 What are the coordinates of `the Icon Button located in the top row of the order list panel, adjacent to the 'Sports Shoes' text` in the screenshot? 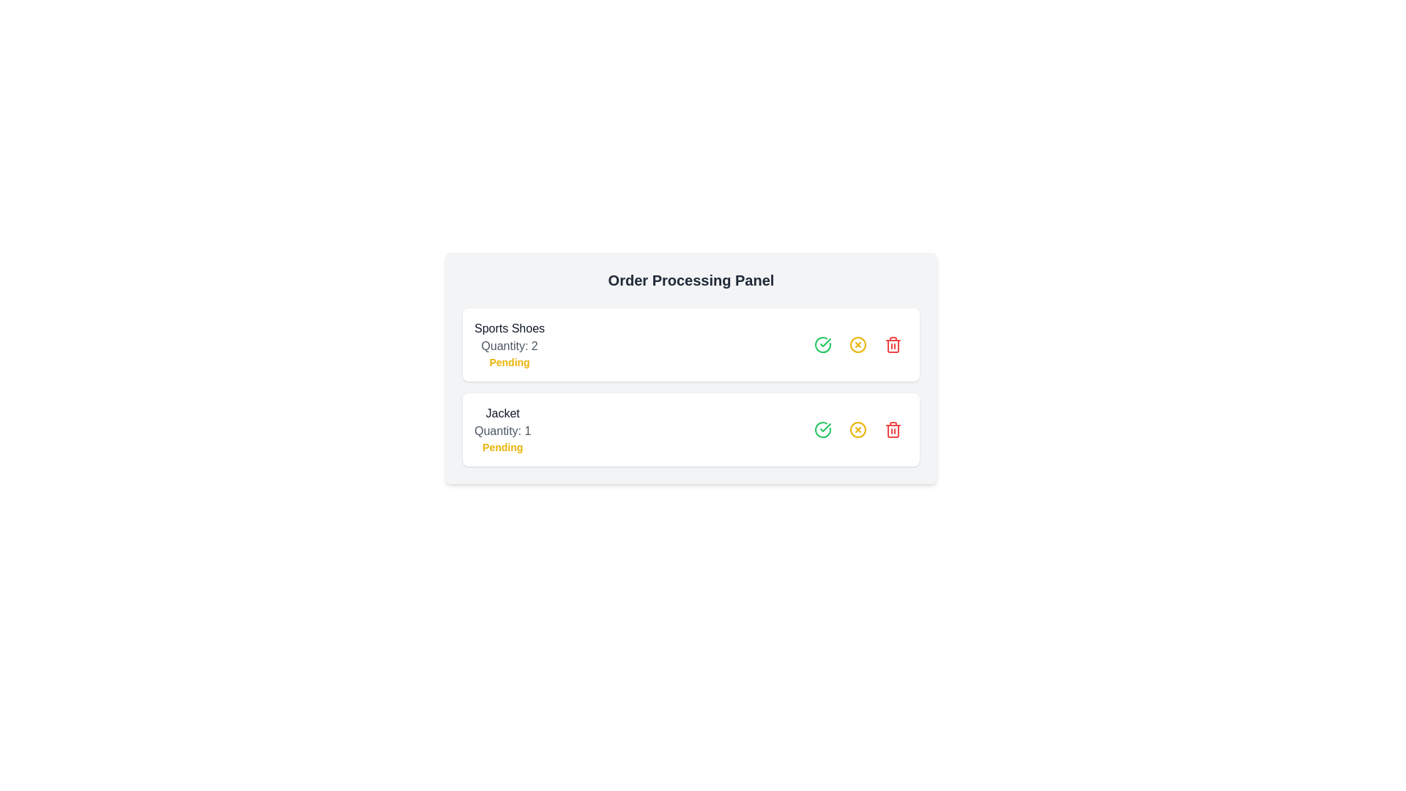 It's located at (822, 344).